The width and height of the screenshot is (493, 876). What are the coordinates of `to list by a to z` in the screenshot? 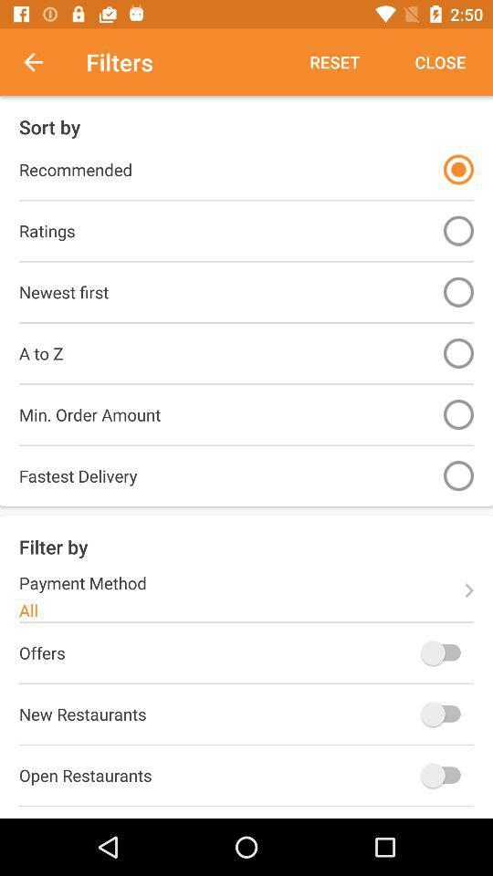 It's located at (457, 352).